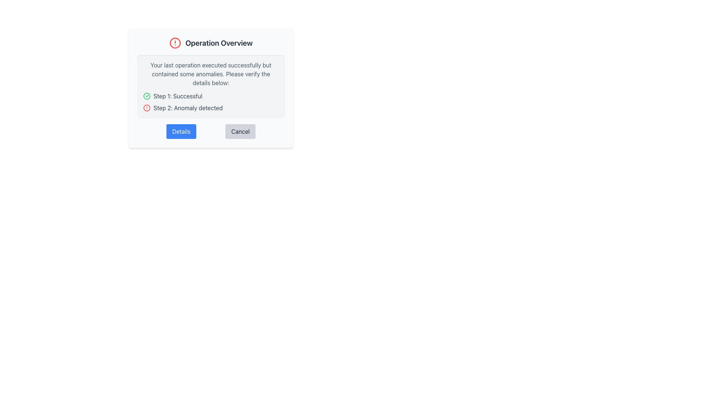  What do you see at coordinates (175, 43) in the screenshot?
I see `the SVG circle graphical element that is part of the warning icon located at the top of the 'Operation Overview' popup` at bounding box center [175, 43].